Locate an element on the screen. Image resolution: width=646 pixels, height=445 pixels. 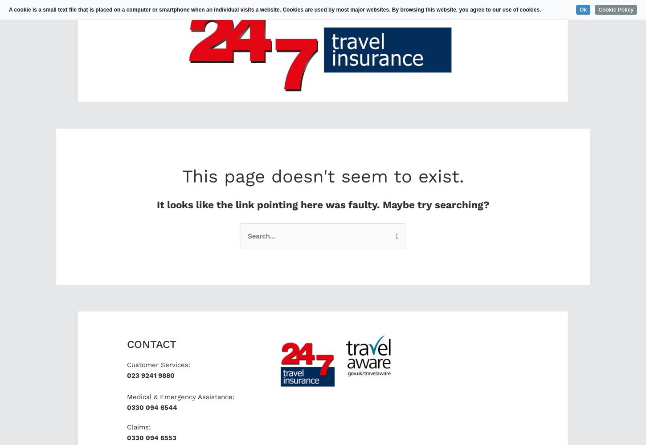
'Customer Services:' is located at coordinates (127, 364).